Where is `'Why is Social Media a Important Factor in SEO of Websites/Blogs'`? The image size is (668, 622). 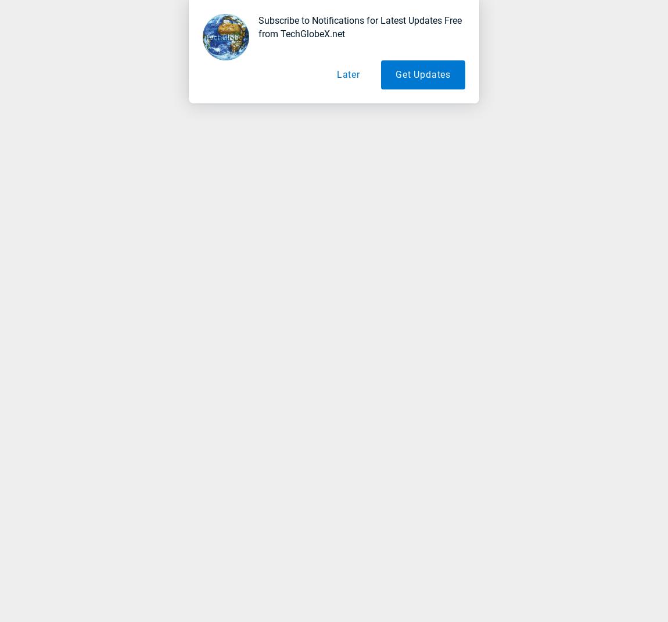 'Why is Social Media a Important Factor in SEO of Websites/Blogs' is located at coordinates (11, 273).